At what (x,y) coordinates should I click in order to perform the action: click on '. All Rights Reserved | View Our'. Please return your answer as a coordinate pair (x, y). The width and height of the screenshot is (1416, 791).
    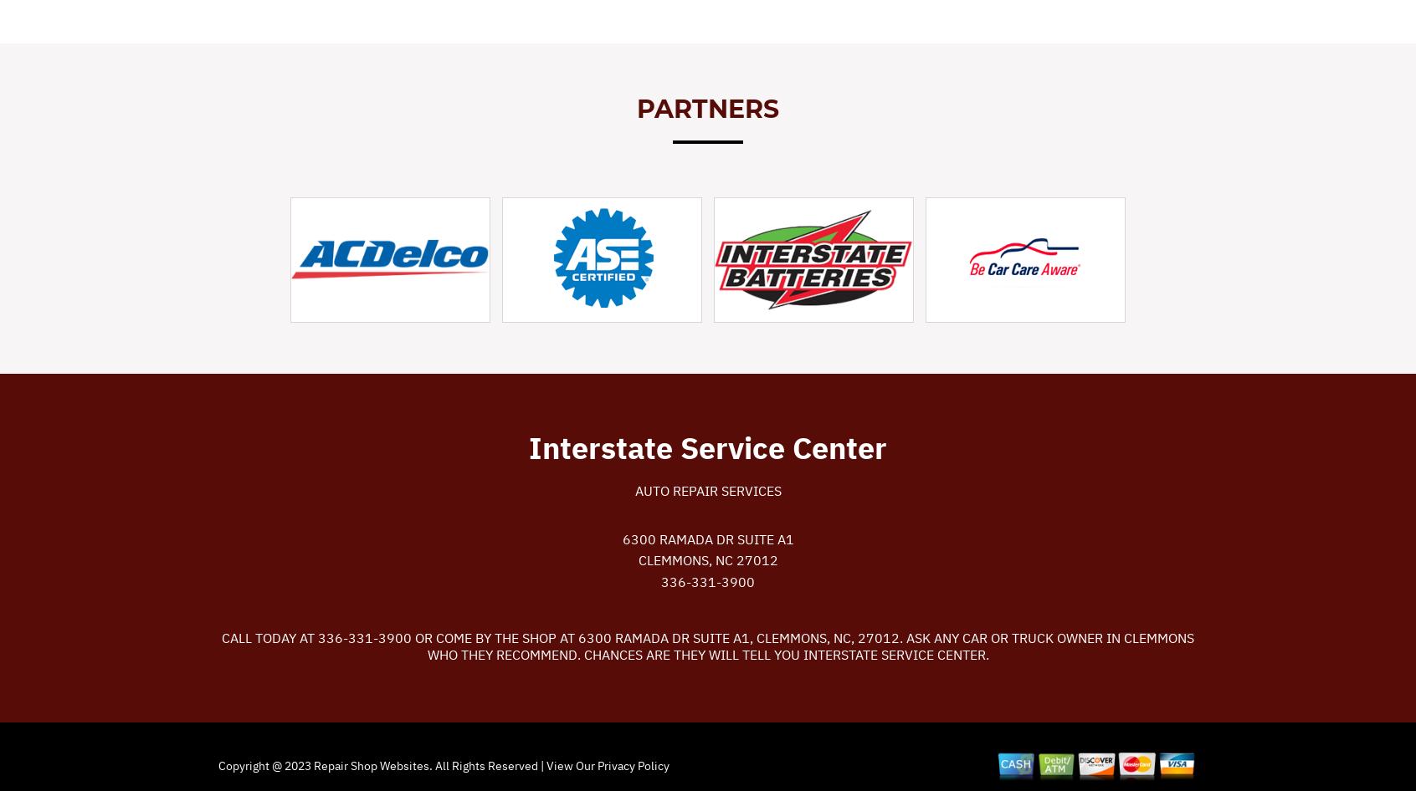
    Looking at the image, I should click on (512, 763).